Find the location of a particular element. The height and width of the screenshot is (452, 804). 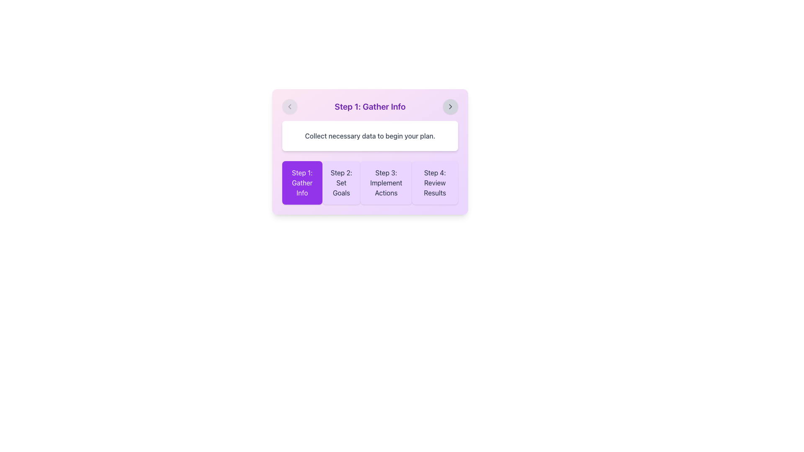

the button labeled 'Step 2: Set Goals' is located at coordinates (341, 182).